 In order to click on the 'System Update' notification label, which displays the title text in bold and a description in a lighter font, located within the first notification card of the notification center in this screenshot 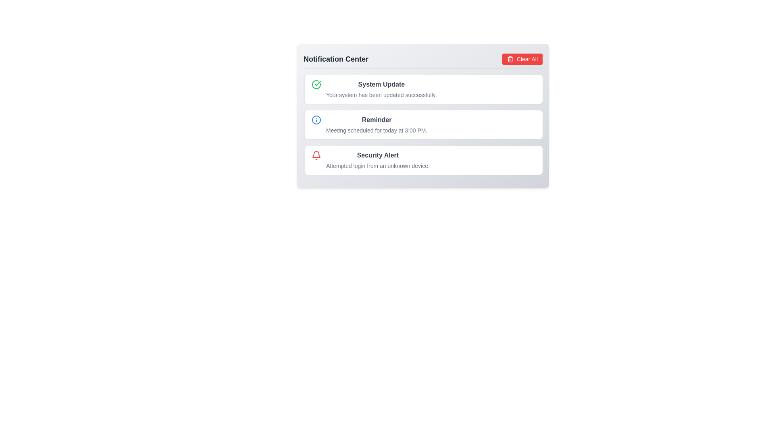, I will do `click(381, 89)`.